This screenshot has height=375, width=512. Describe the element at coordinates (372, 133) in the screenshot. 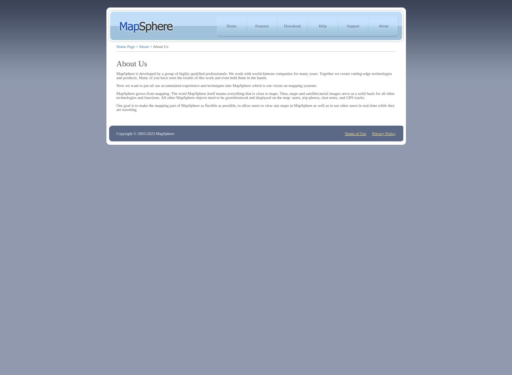

I see `'Privacy Policy'` at that location.